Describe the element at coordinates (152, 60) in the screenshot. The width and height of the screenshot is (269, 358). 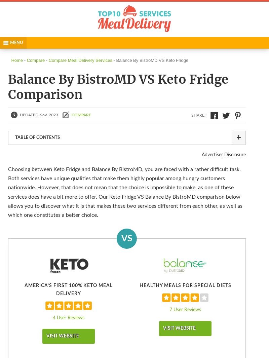
I see `'Balance By BistroMD VS Keto Fridge'` at that location.